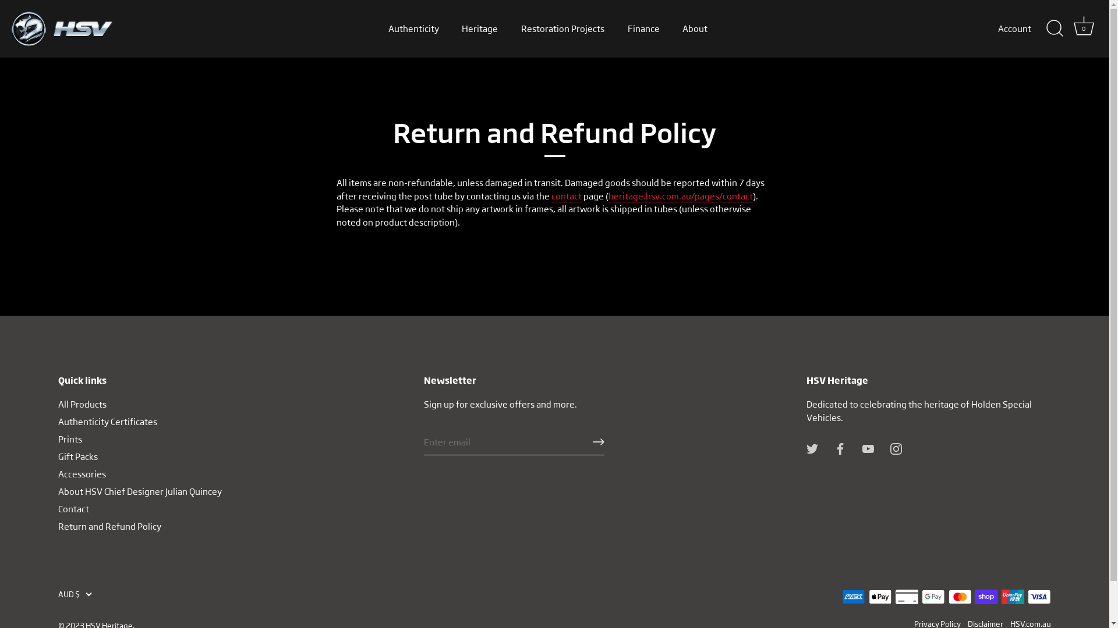 This screenshot has width=1118, height=628. I want to click on 'All Products', so click(82, 403).